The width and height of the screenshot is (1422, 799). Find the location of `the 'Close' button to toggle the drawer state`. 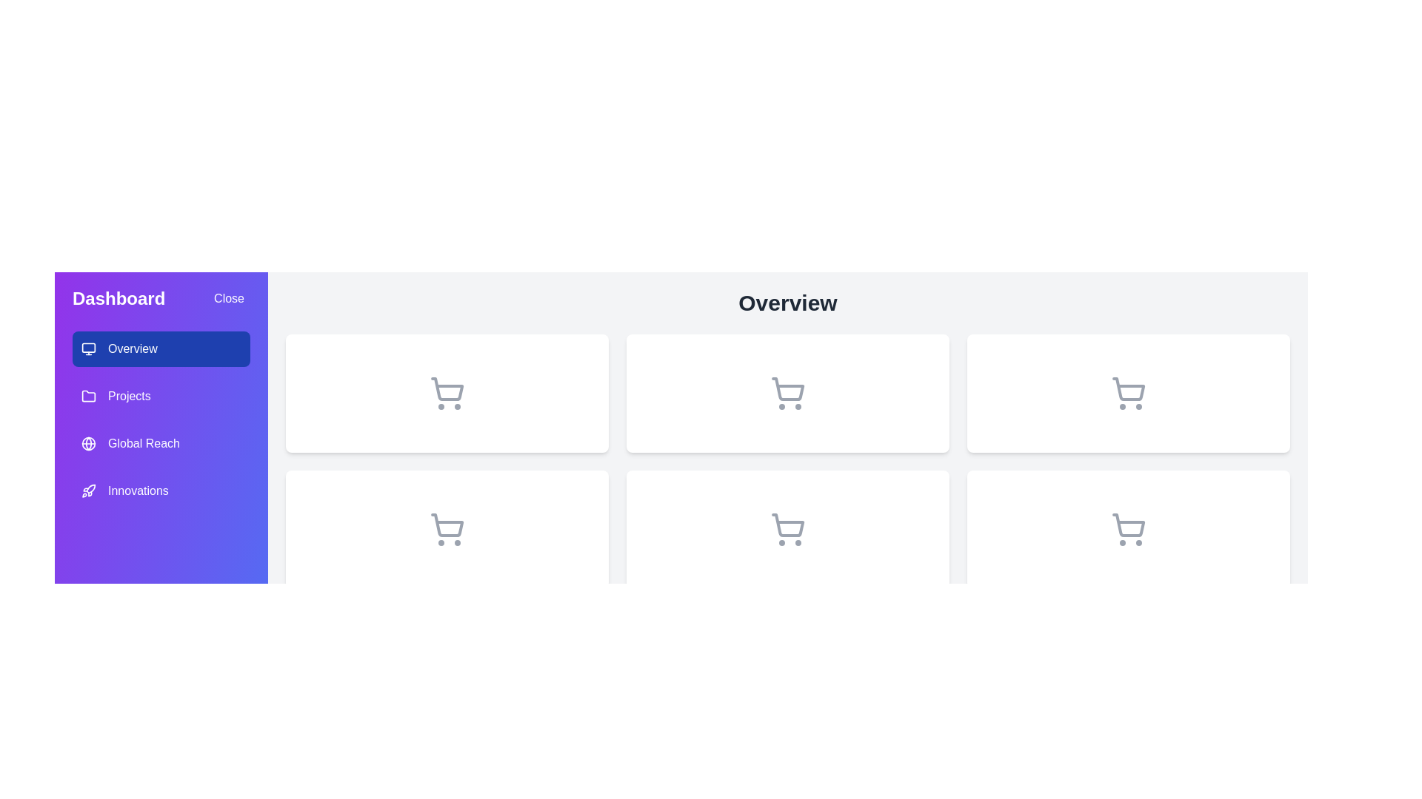

the 'Close' button to toggle the drawer state is located at coordinates (227, 299).